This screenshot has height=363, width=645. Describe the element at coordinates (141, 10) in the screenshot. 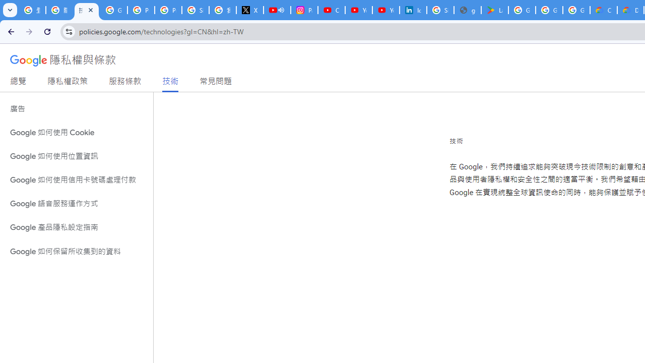

I see `'Privacy Help Center - Policies Help'` at that location.